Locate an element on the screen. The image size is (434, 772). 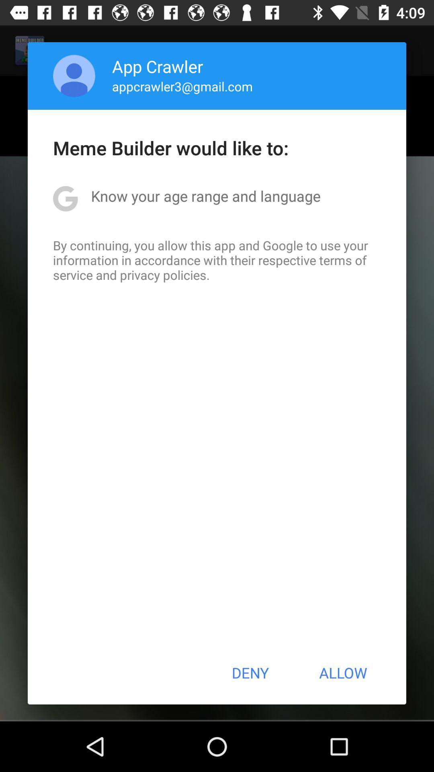
item at the bottom is located at coordinates (250, 673).